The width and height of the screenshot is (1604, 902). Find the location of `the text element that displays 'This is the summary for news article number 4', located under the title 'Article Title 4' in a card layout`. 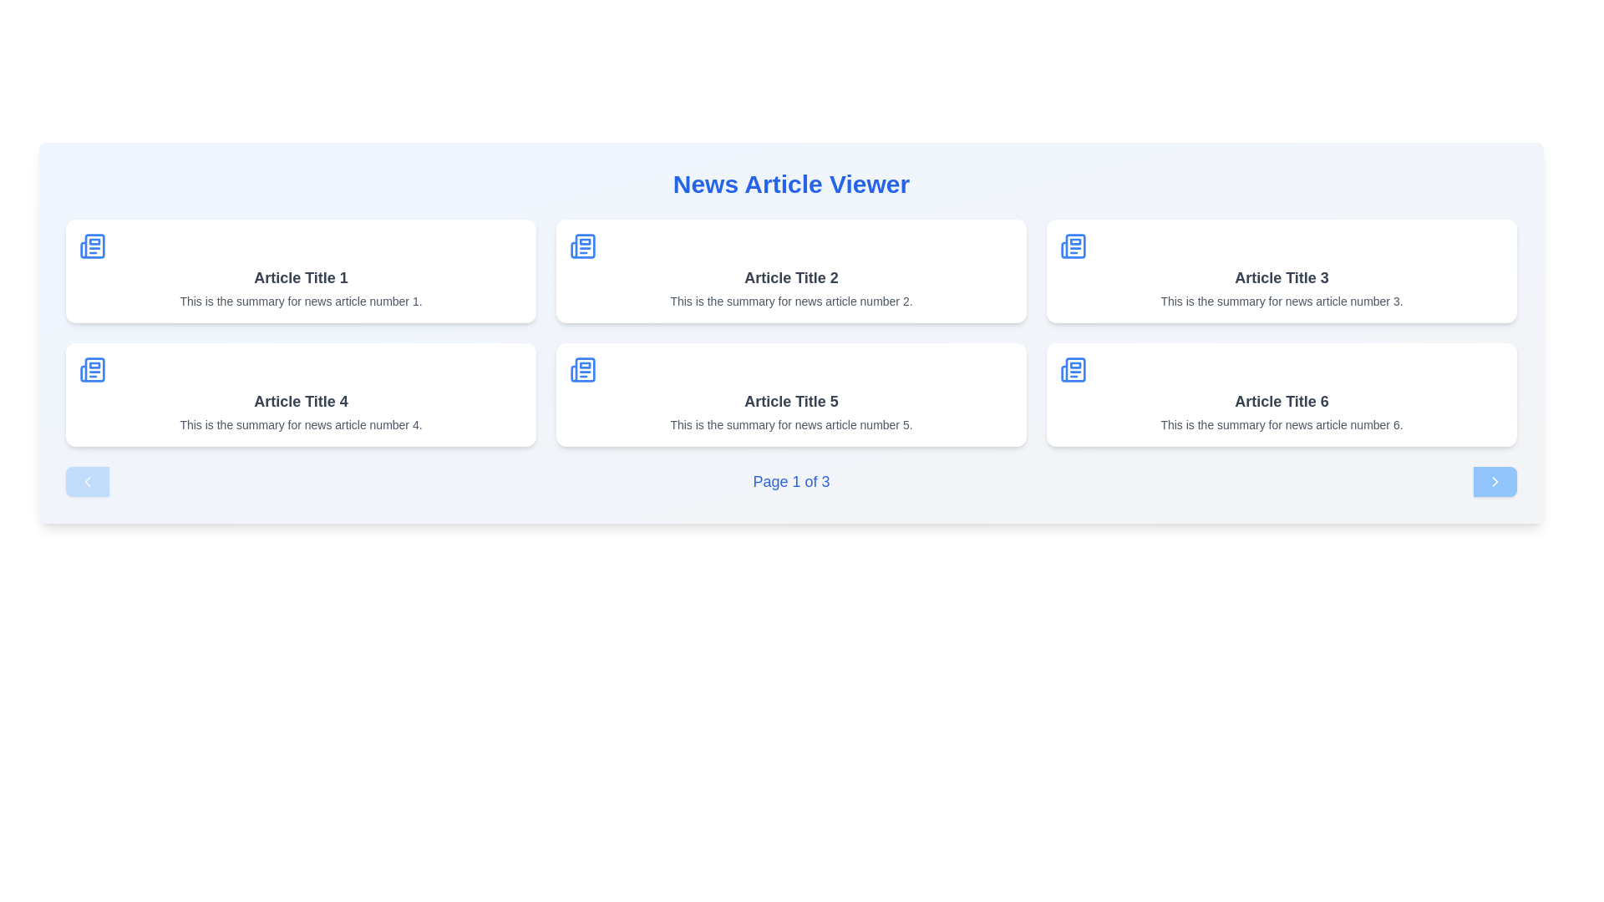

the text element that displays 'This is the summary for news article number 4', located under the title 'Article Title 4' in a card layout is located at coordinates (301, 424).